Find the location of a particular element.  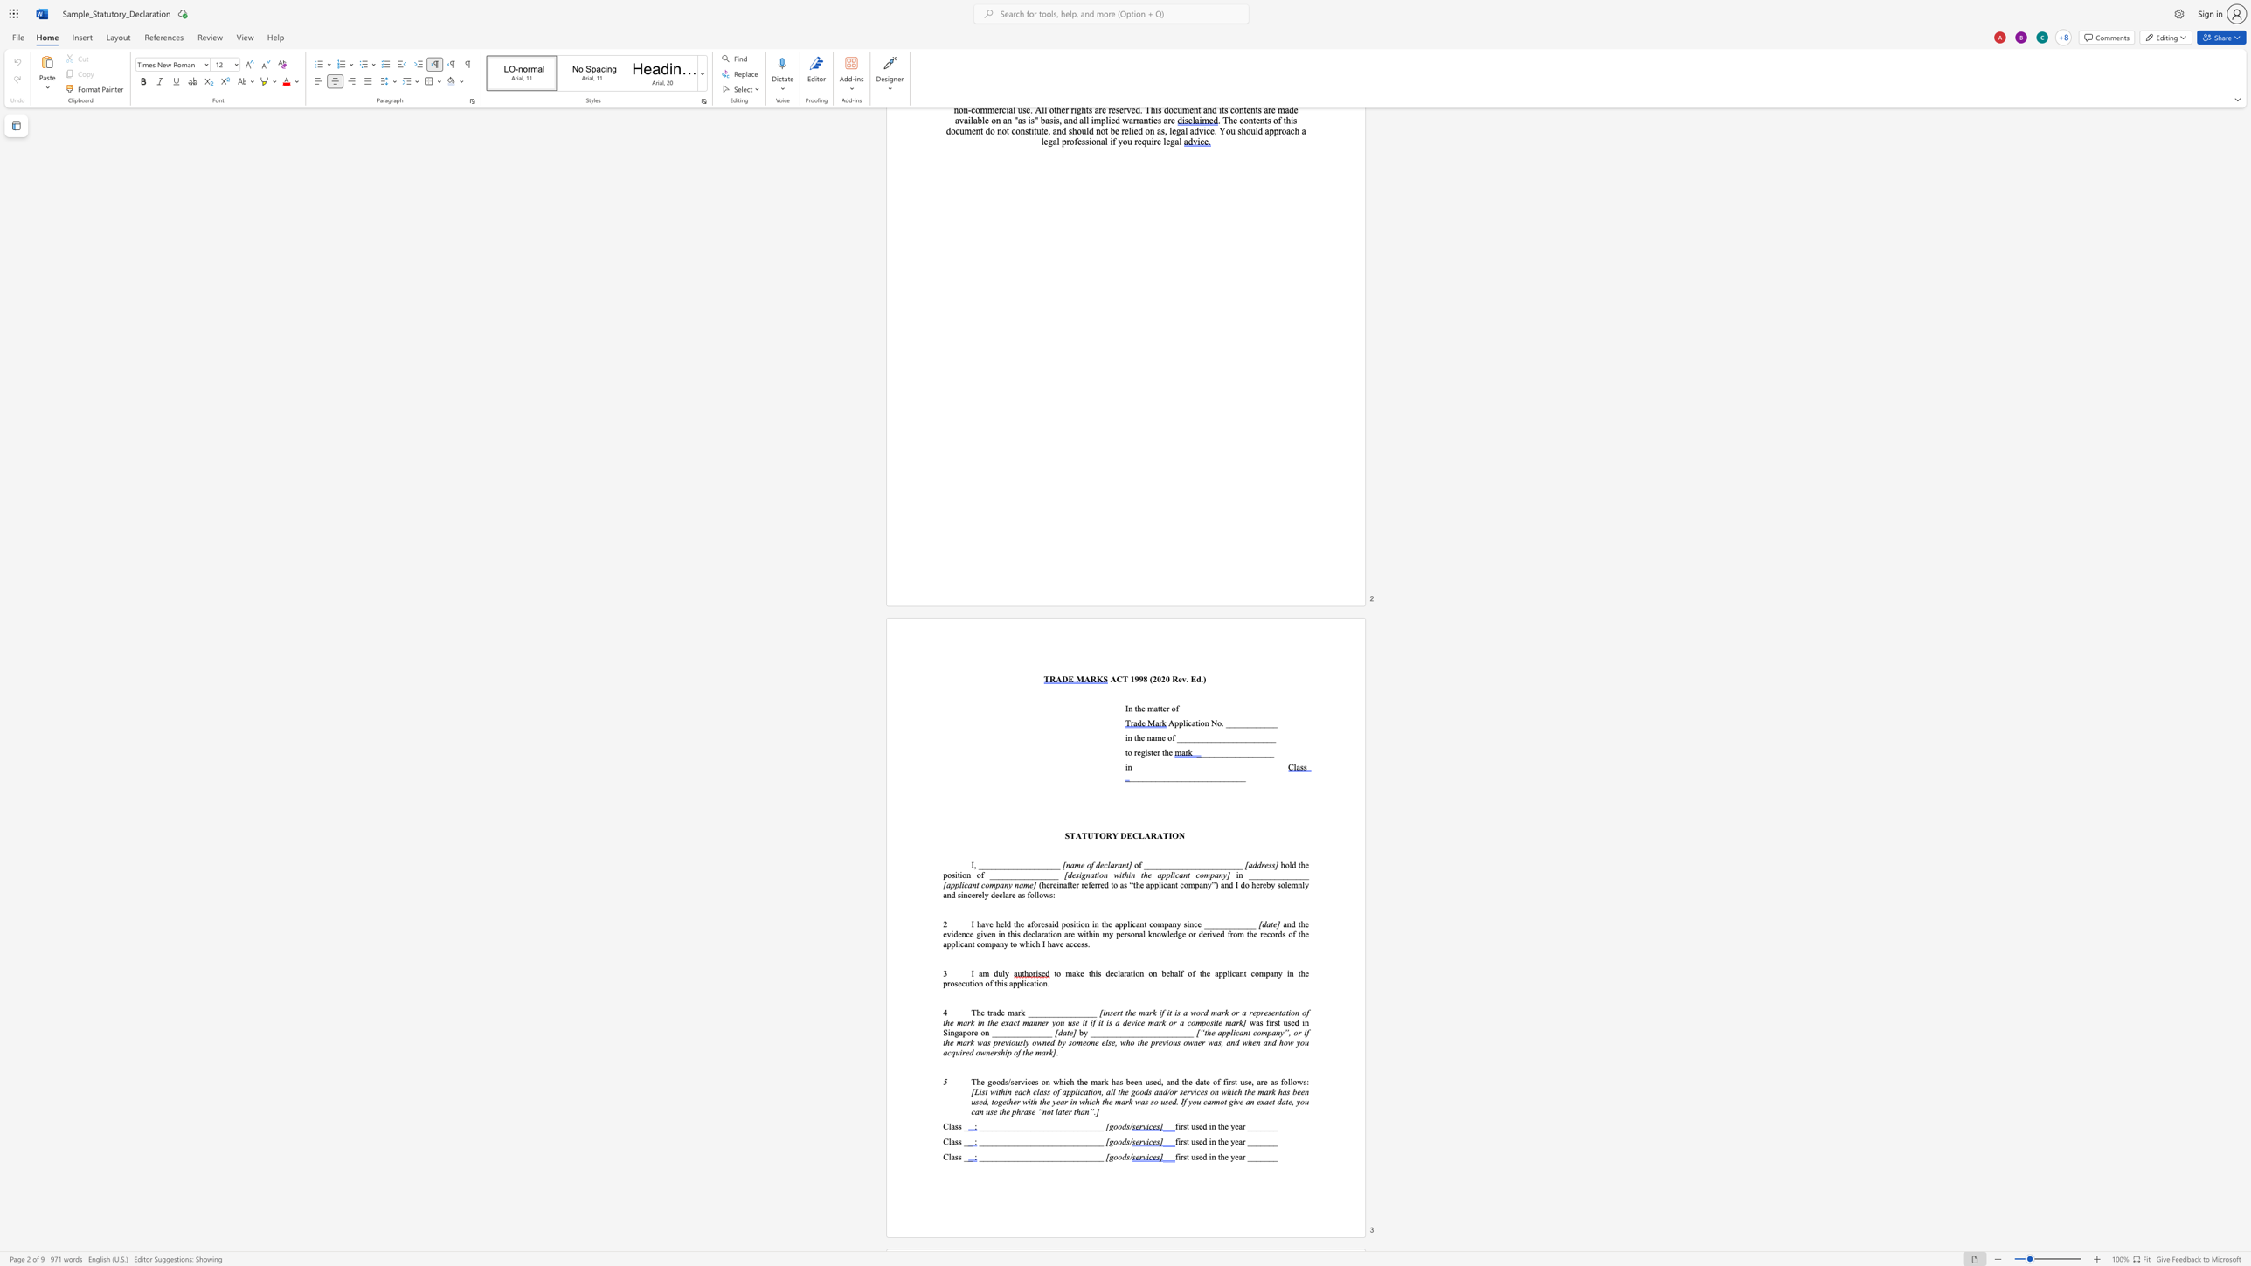

the space between the continuous character "m" and "a" in the text is located at coordinates (1153, 708).